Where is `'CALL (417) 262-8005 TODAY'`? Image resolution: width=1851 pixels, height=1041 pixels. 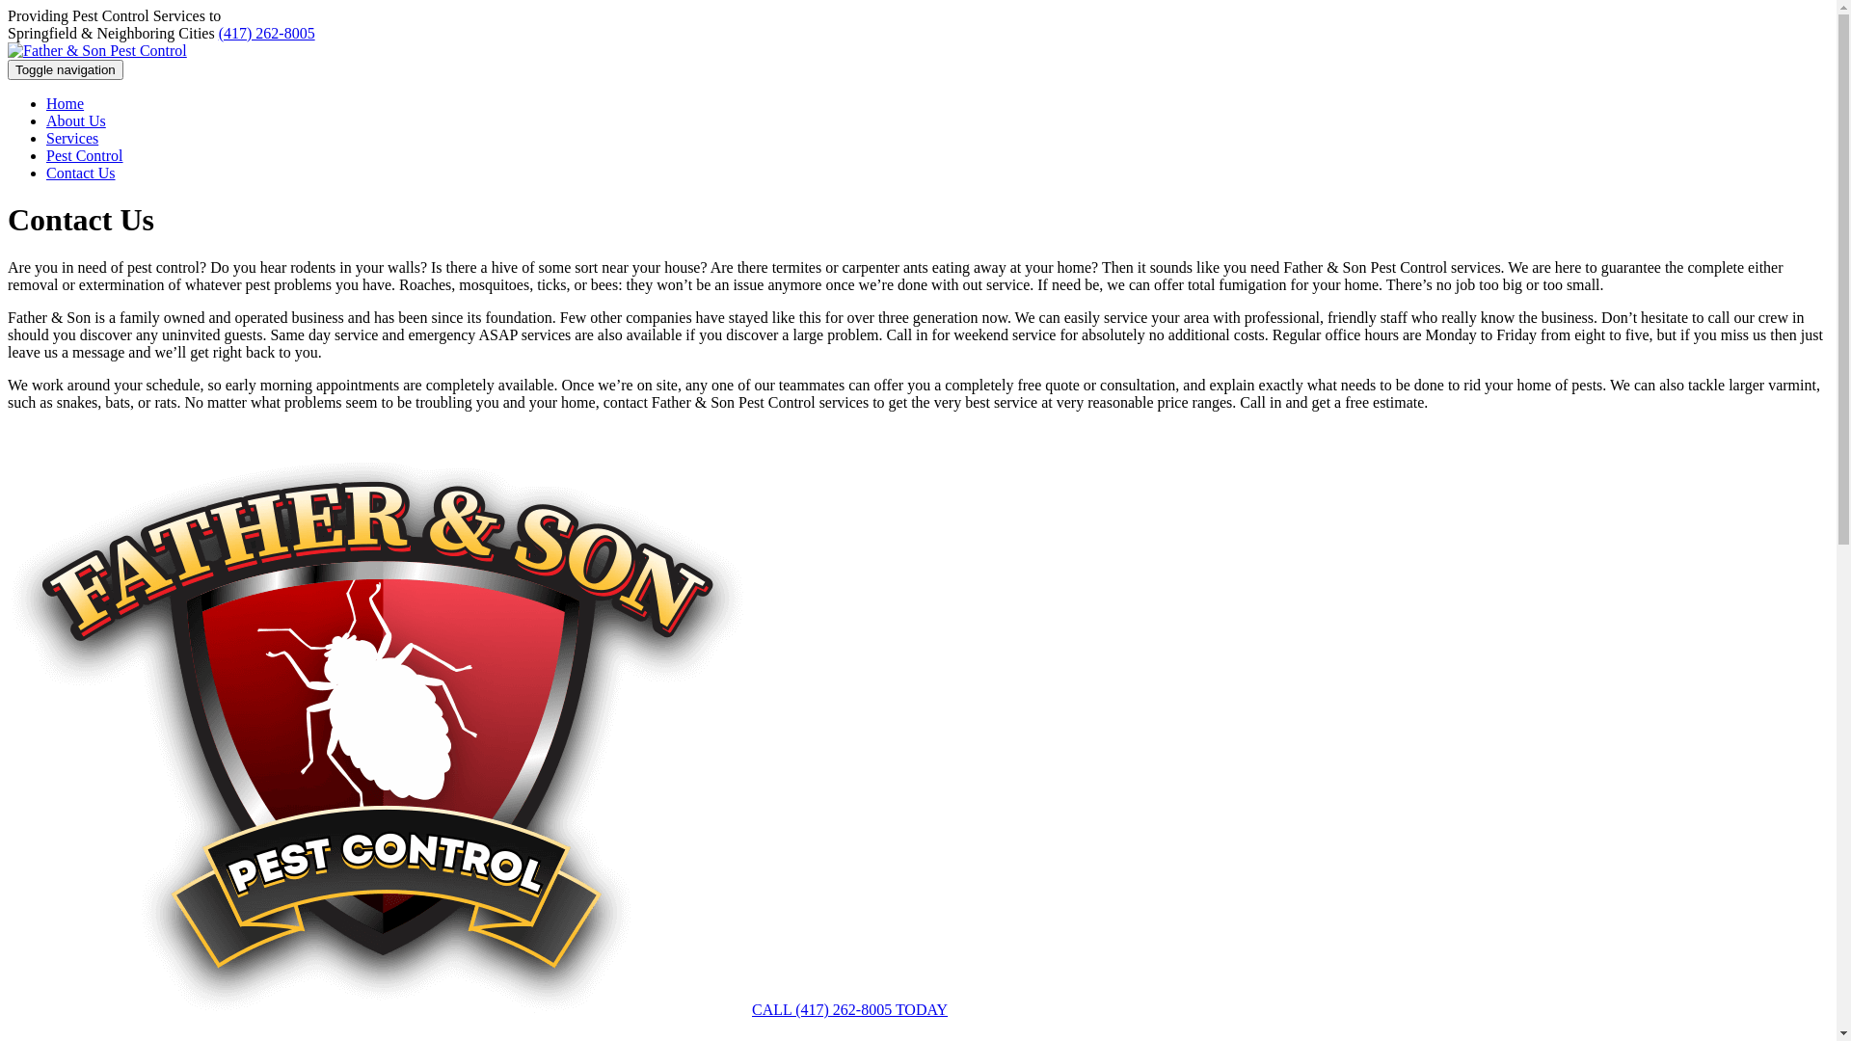
'CALL (417) 262-8005 TODAY' is located at coordinates (848, 1008).